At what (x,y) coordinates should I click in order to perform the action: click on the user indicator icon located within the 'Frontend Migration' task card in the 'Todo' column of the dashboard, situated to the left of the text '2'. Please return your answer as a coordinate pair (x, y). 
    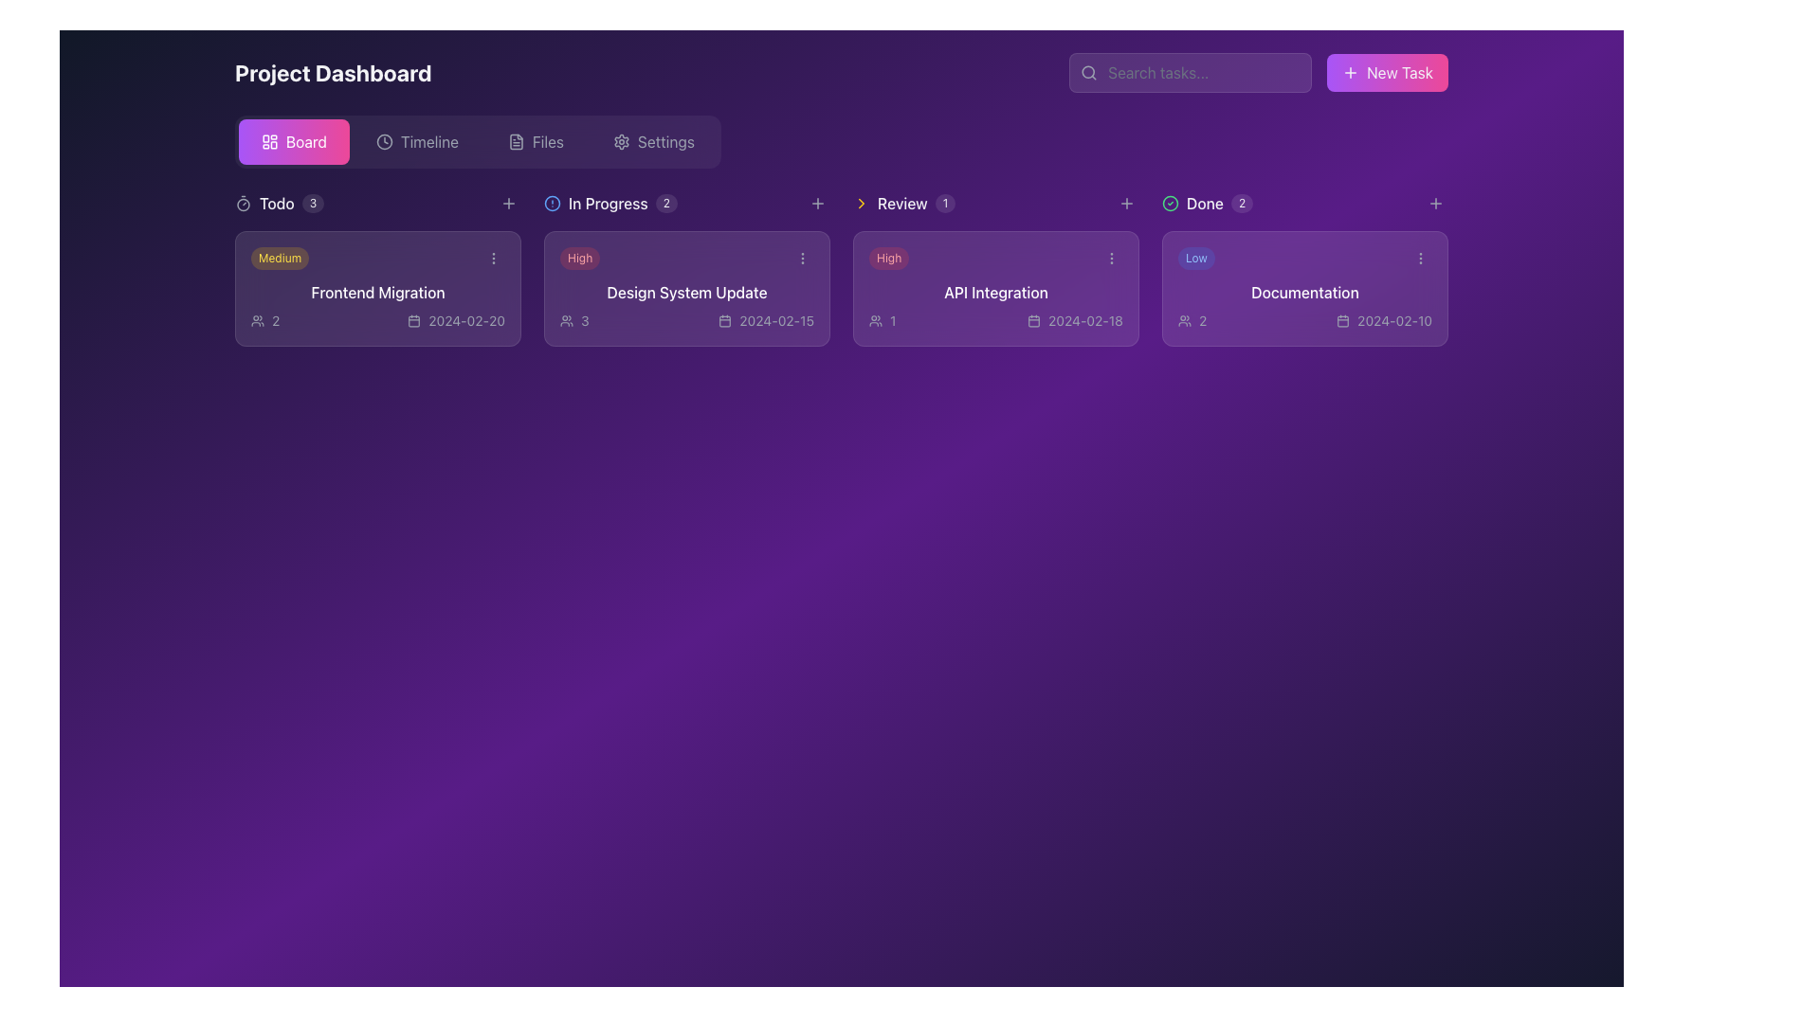
    Looking at the image, I should click on (257, 320).